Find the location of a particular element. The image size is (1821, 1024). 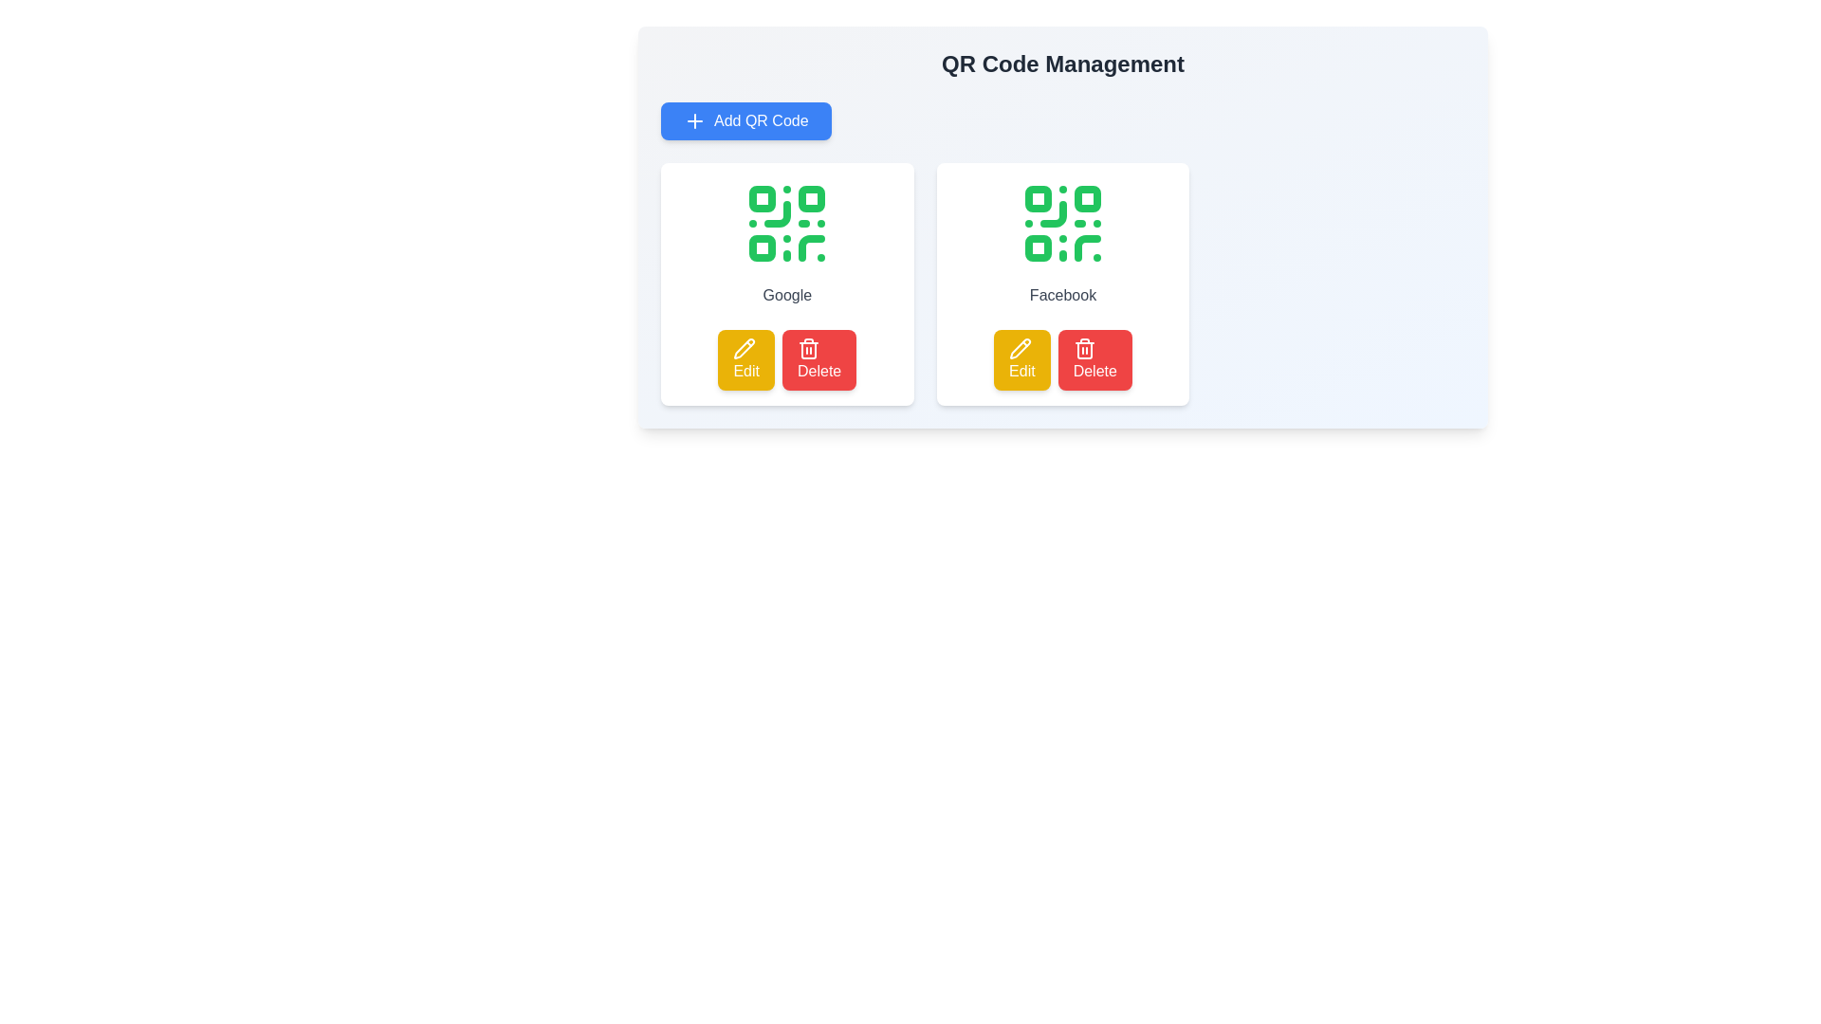

the trash bin icon within the 'Delete' button located in the lower-right section of the second item in the grid under 'QR Code Management' is located at coordinates (1084, 348).